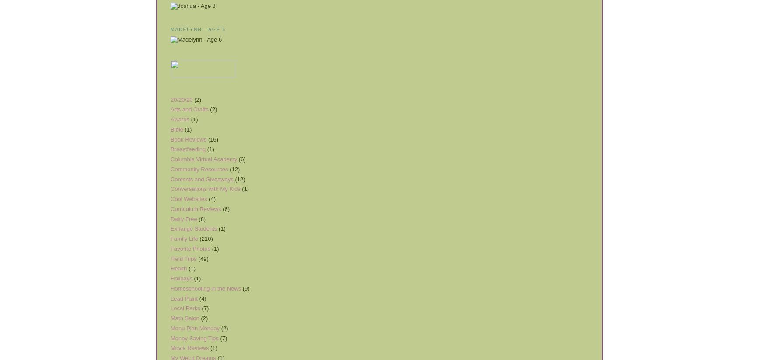 The width and height of the screenshot is (759, 360). I want to click on 'Madelynn - Age 6', so click(198, 29).